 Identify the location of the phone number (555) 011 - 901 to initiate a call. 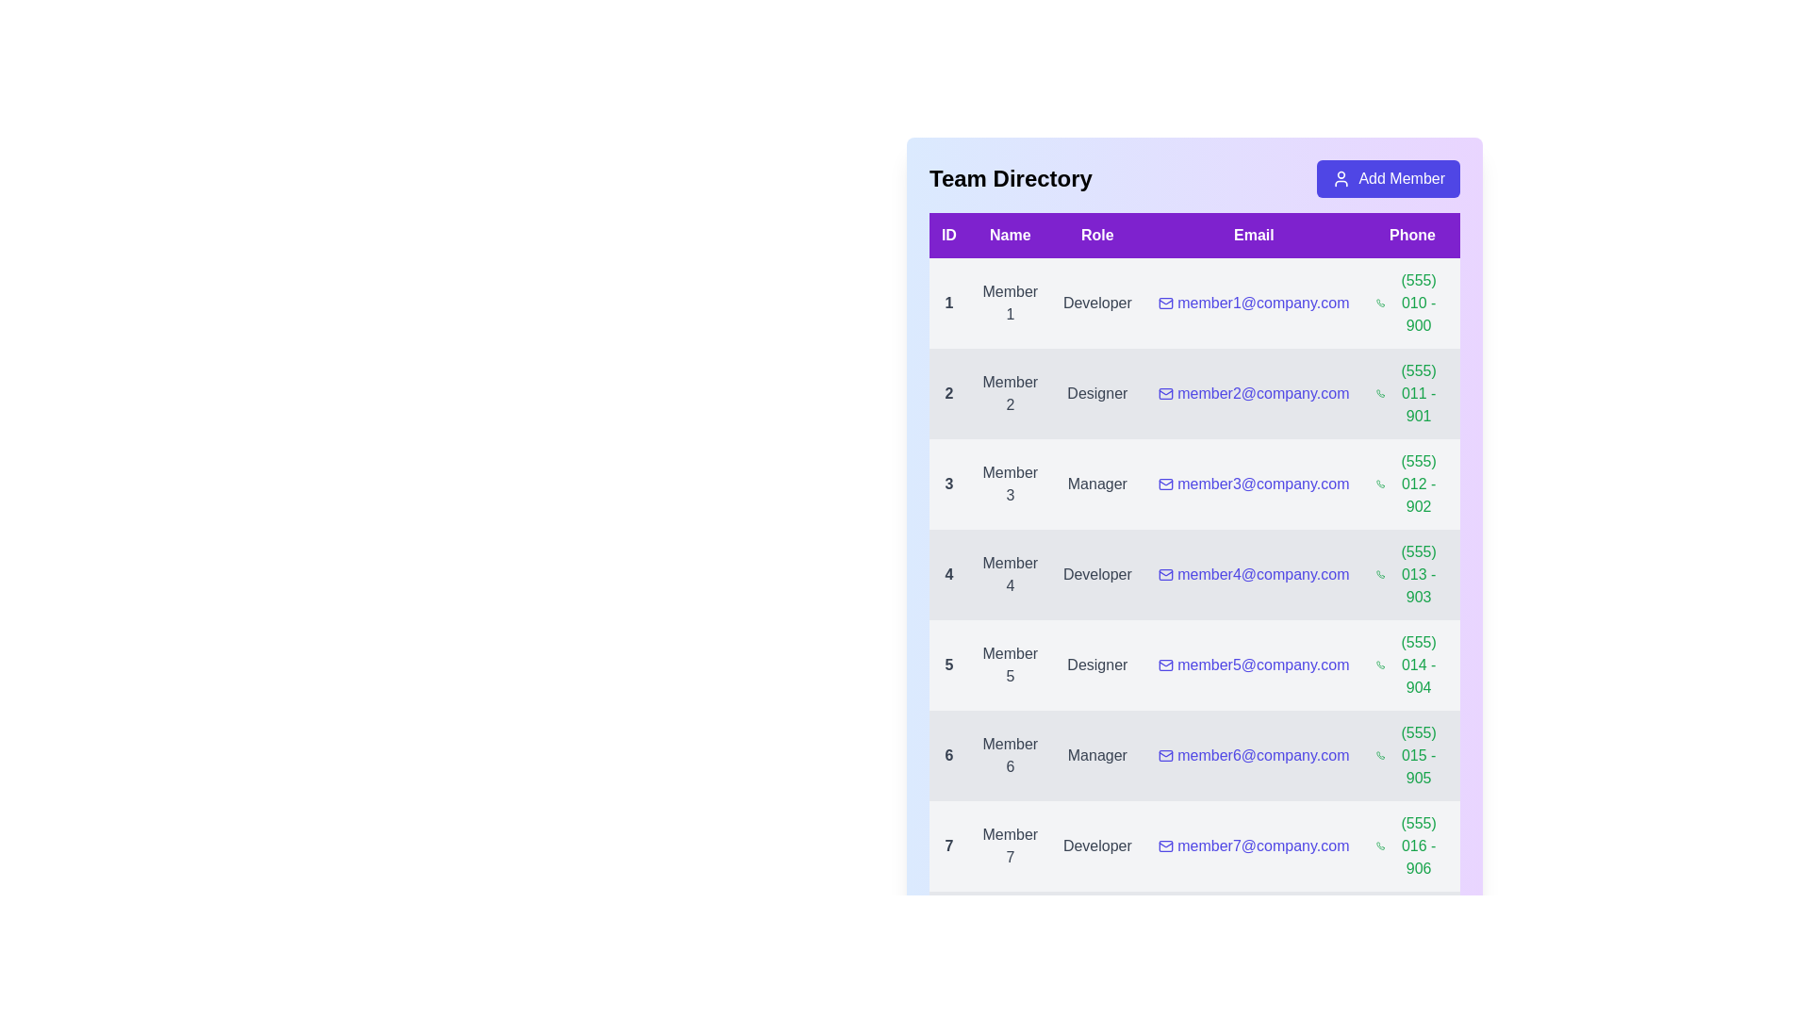
(1412, 392).